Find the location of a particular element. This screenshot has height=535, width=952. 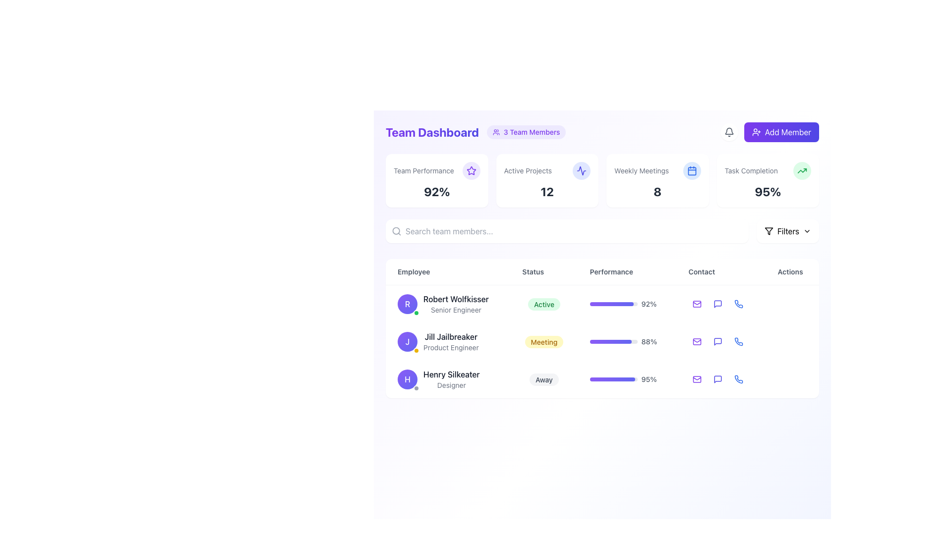

the static text label 'Team Performance' located in the top-left corner of its group, which precedes a violet circular icon and a star-shaped SVG graphic is located at coordinates (423, 170).